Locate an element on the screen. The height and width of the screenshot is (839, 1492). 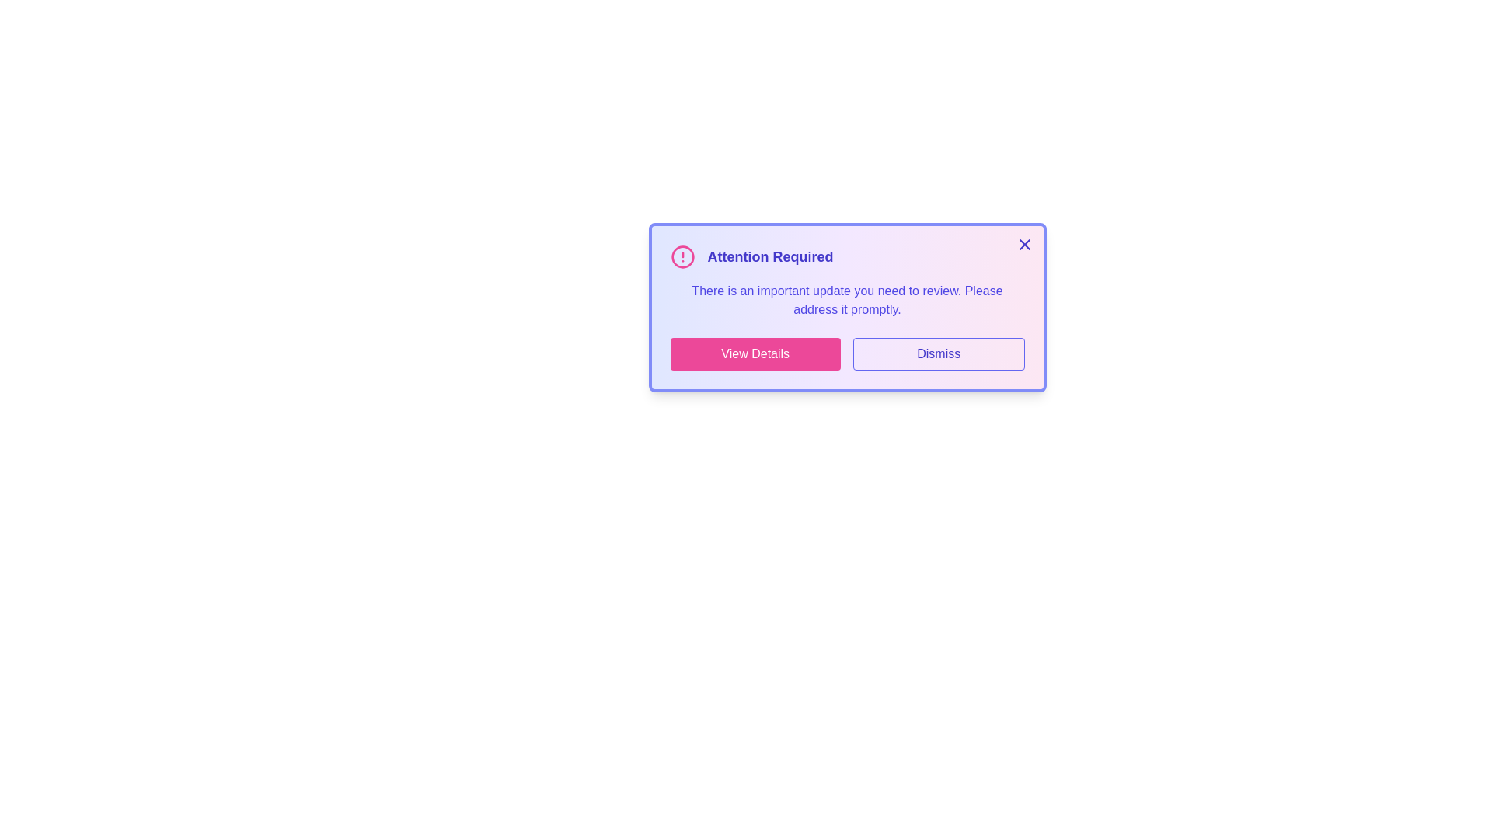
the alert icon to interact visually is located at coordinates (682, 256).